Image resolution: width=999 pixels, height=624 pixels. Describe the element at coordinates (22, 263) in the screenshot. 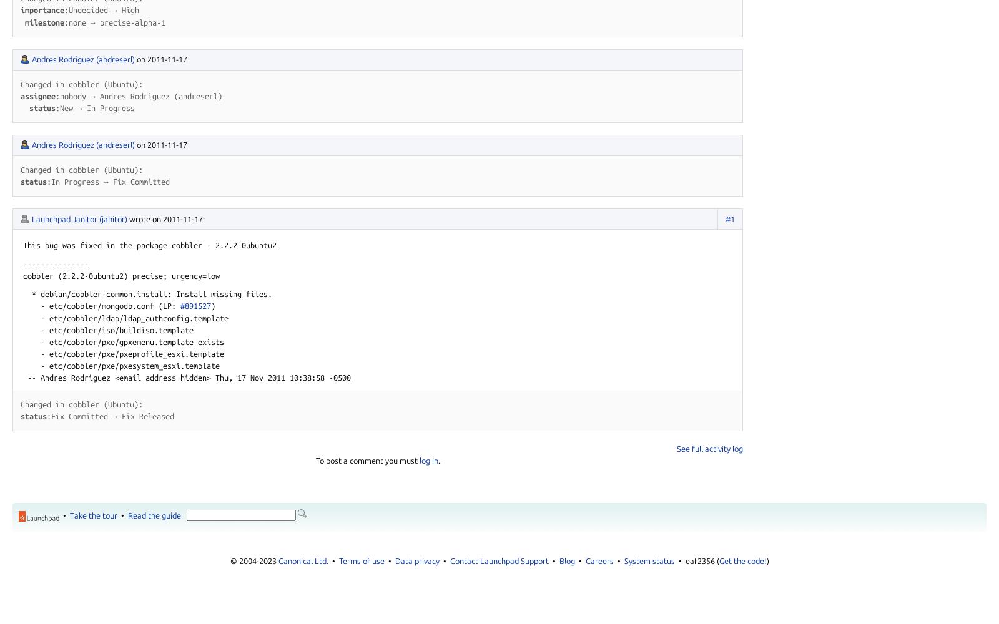

I see `'---------------'` at that location.